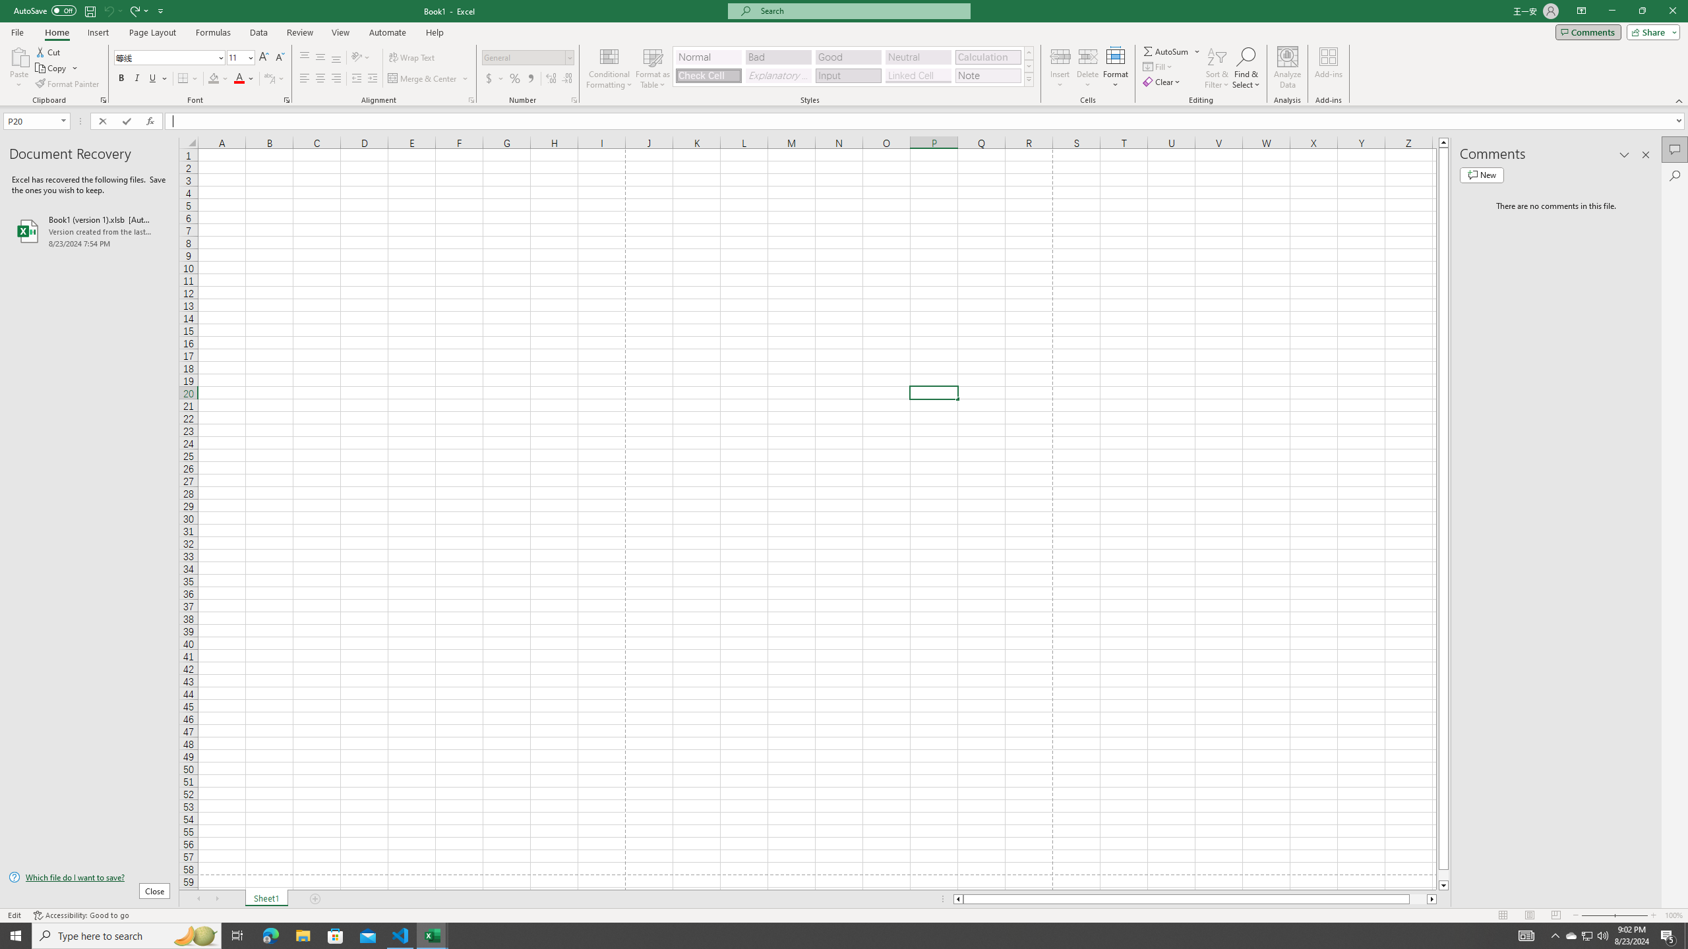  Describe the element at coordinates (152, 78) in the screenshot. I see `'Underline'` at that location.